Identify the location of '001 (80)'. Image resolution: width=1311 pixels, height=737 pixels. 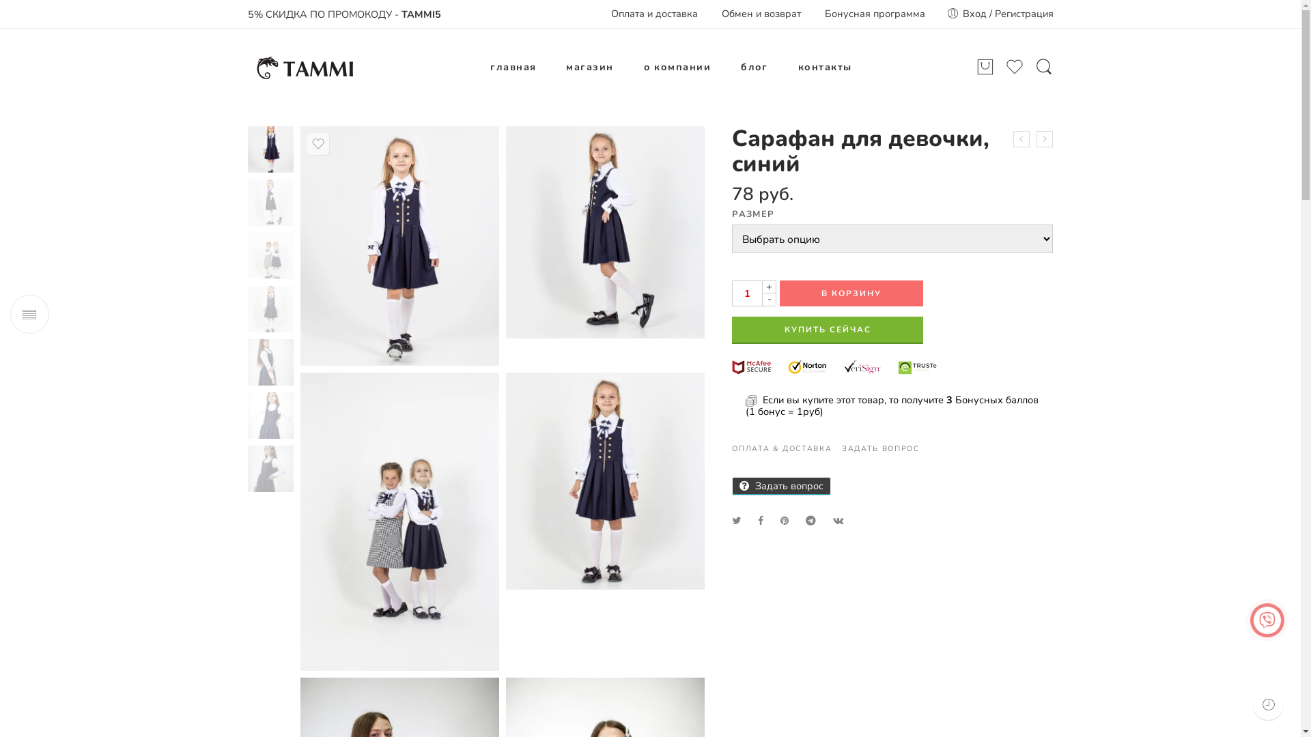
(270, 149).